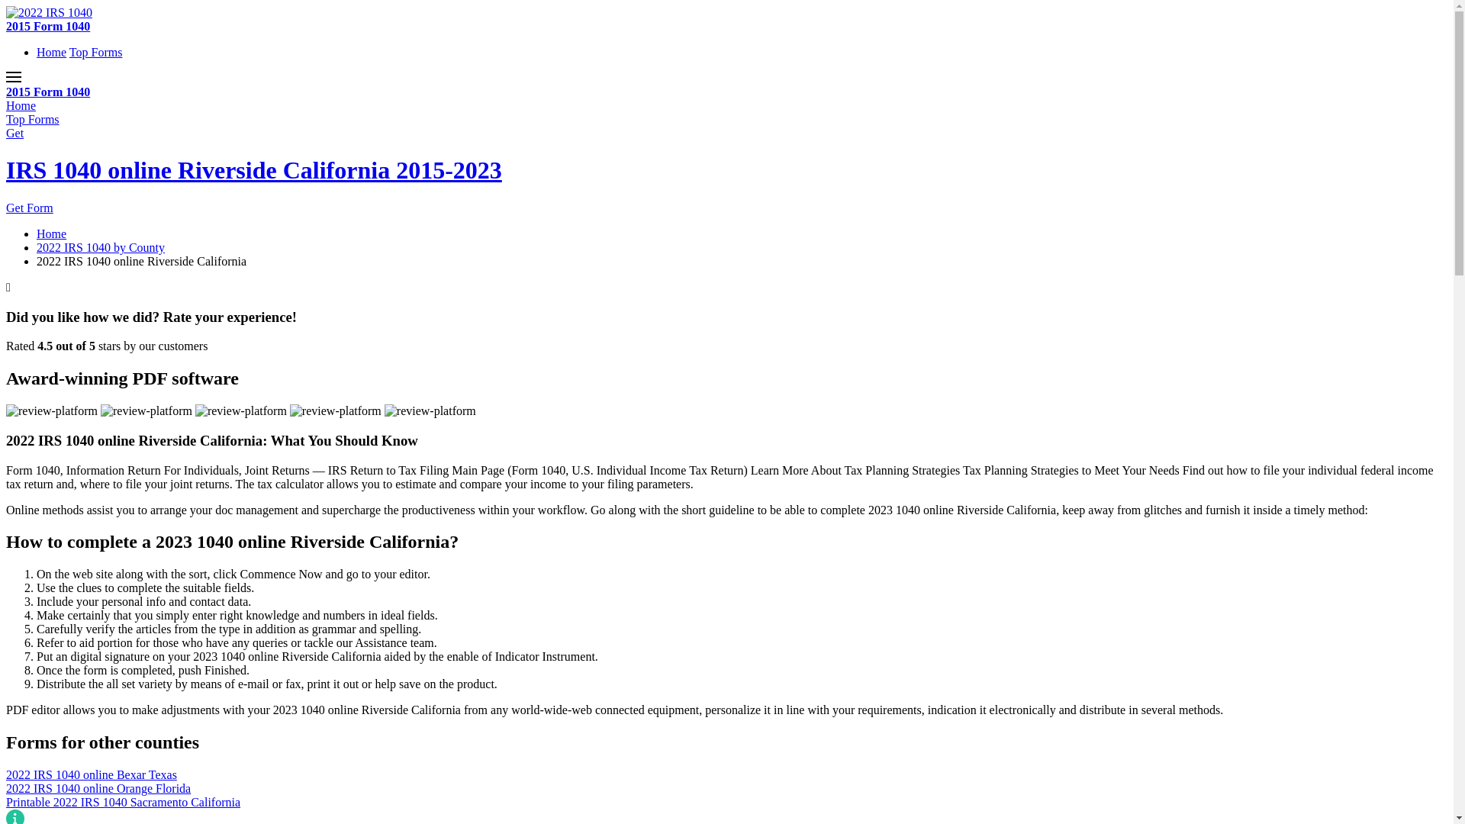 This screenshot has height=824, width=1465. Describe the element at coordinates (726, 788) in the screenshot. I see `'2022 IRS 1040 online Orange Florida'` at that location.